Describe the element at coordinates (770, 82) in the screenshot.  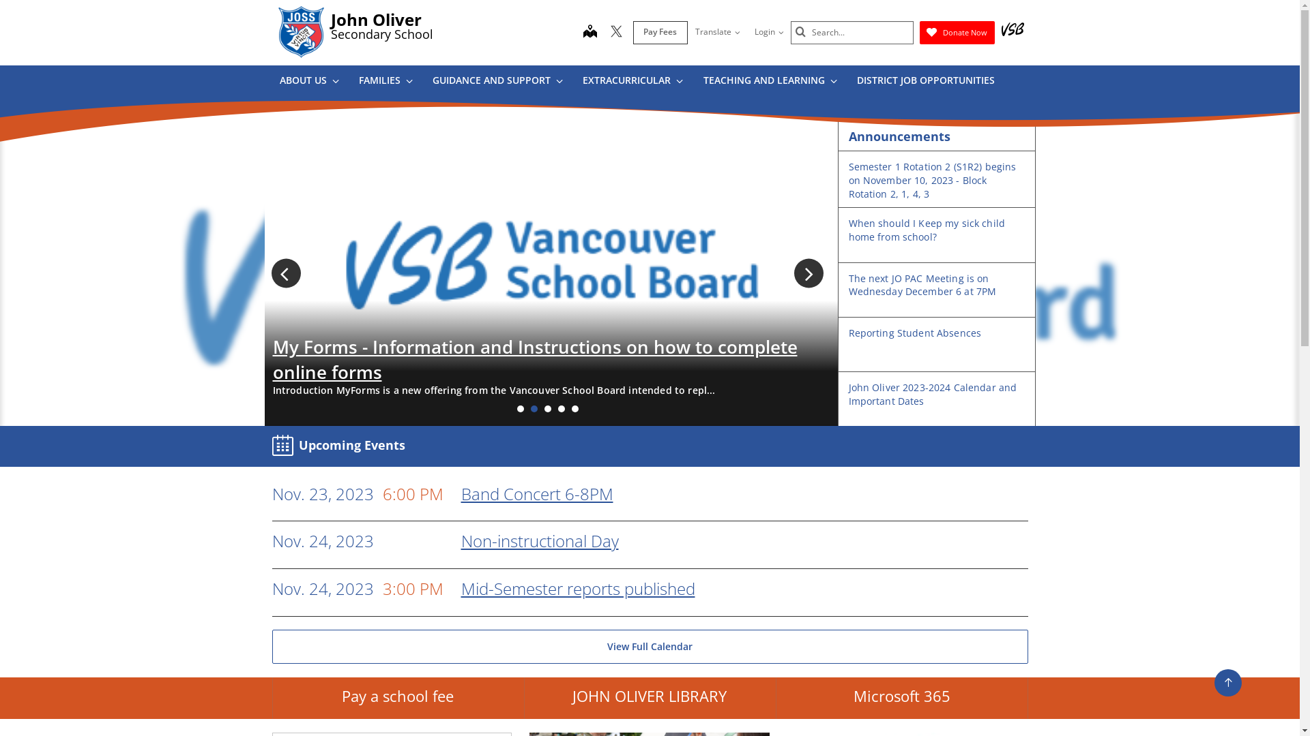
I see `'TEACHING AND LEARNING'` at that location.